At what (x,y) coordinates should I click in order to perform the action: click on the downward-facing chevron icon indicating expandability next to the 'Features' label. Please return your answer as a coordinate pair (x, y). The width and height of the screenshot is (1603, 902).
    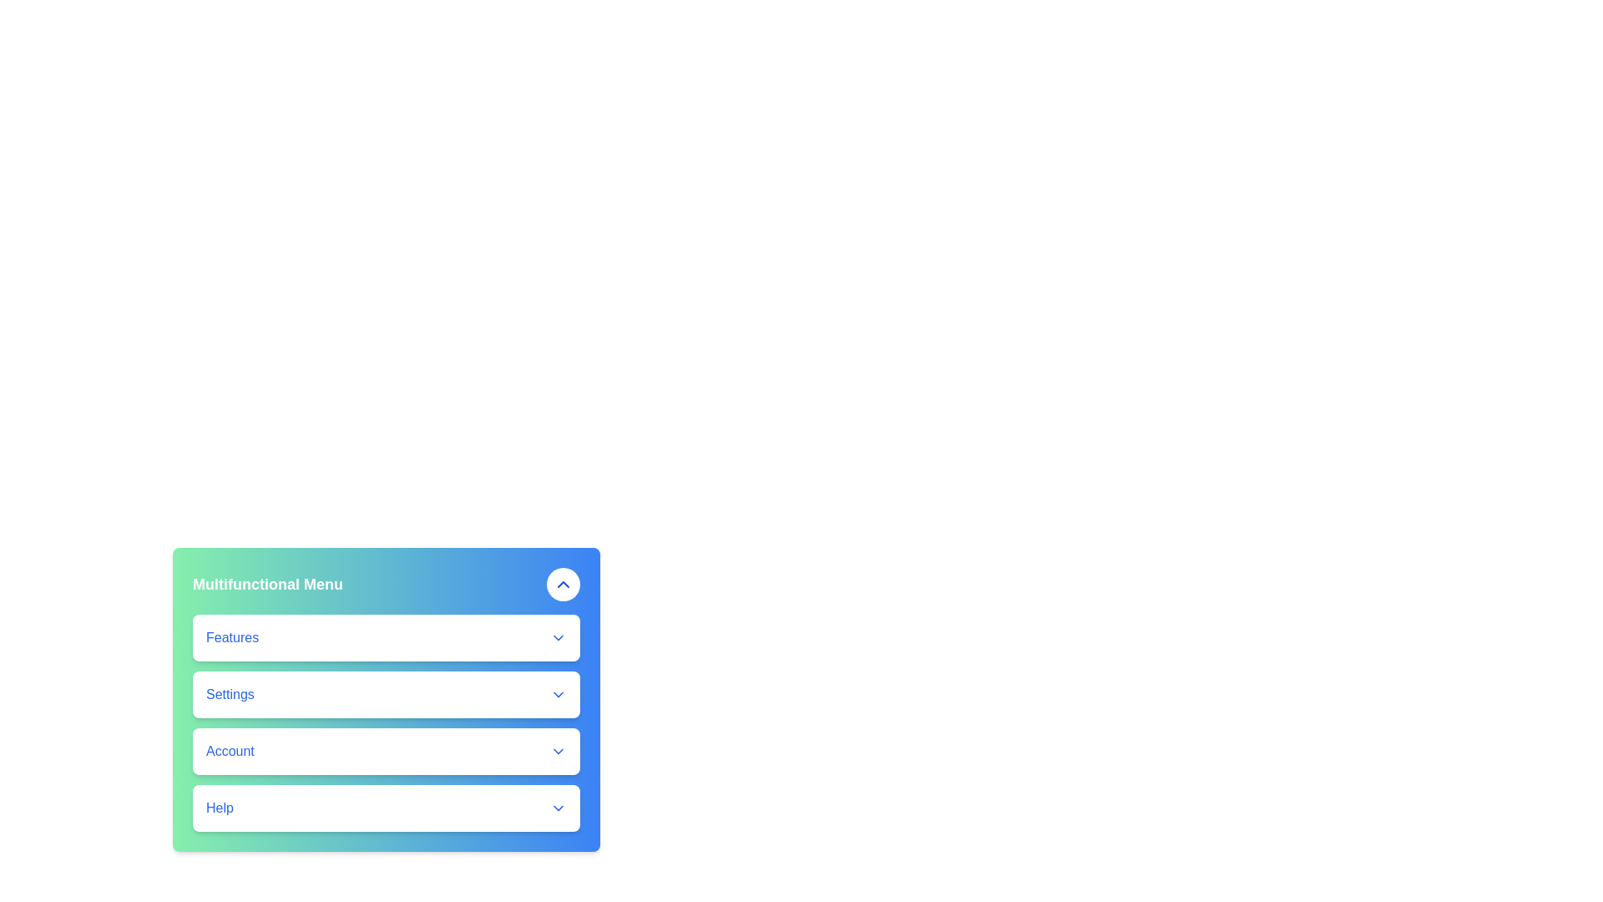
    Looking at the image, I should click on (558, 637).